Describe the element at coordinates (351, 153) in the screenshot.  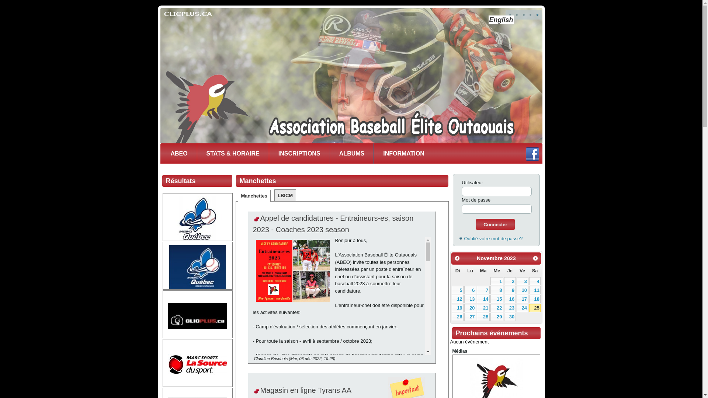
I see `'ALBUMS'` at that location.